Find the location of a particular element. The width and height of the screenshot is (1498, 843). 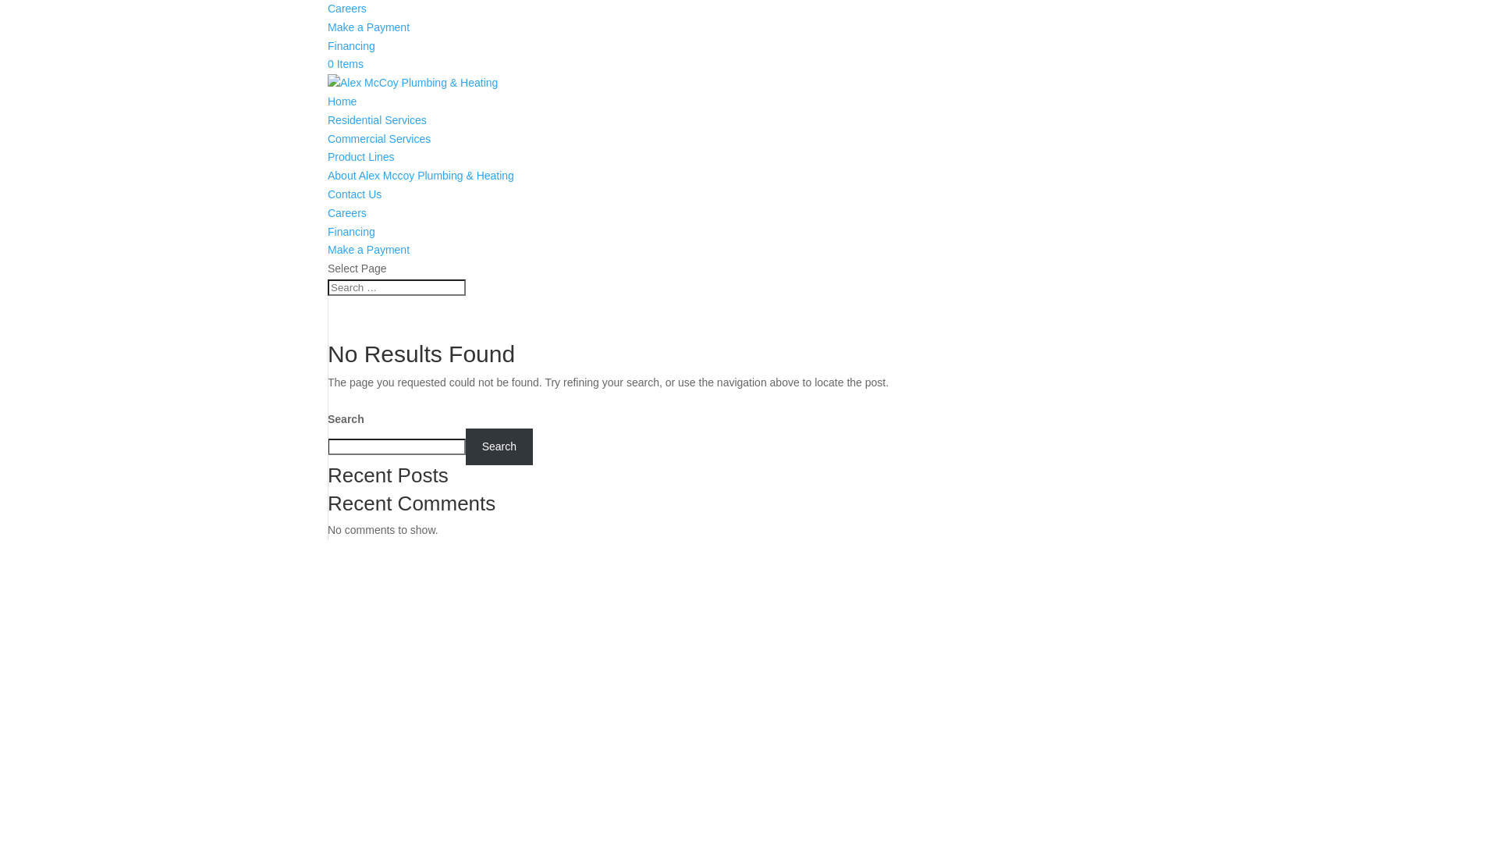

'Home' is located at coordinates (341, 101).